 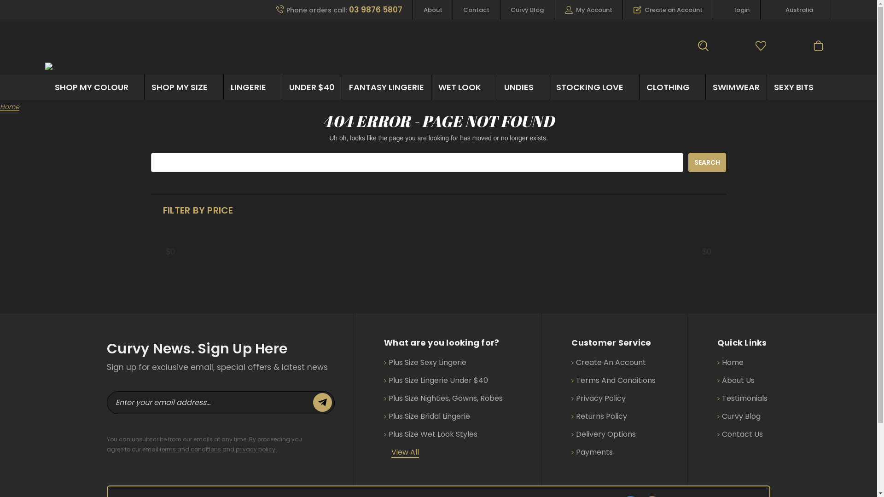 I want to click on 'STOCKING LOVE', so click(x=594, y=87).